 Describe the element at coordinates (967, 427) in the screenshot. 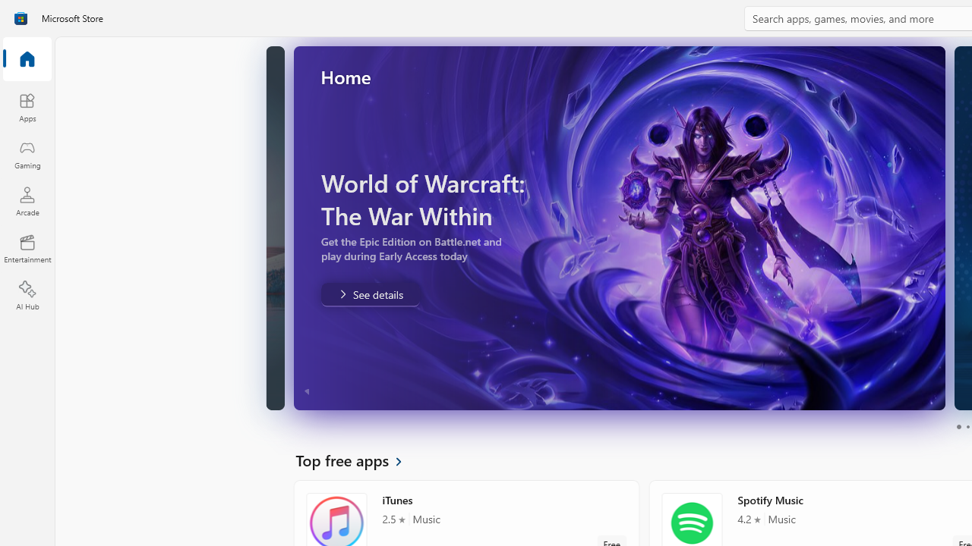

I see `'Page 2'` at that location.